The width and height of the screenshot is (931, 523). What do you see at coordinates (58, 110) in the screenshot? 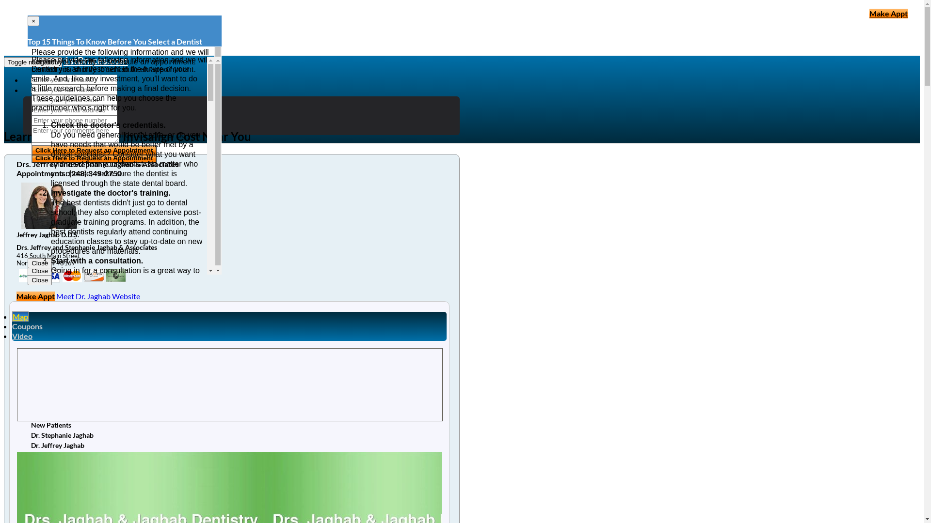
I see `'Invisalign'` at bounding box center [58, 110].